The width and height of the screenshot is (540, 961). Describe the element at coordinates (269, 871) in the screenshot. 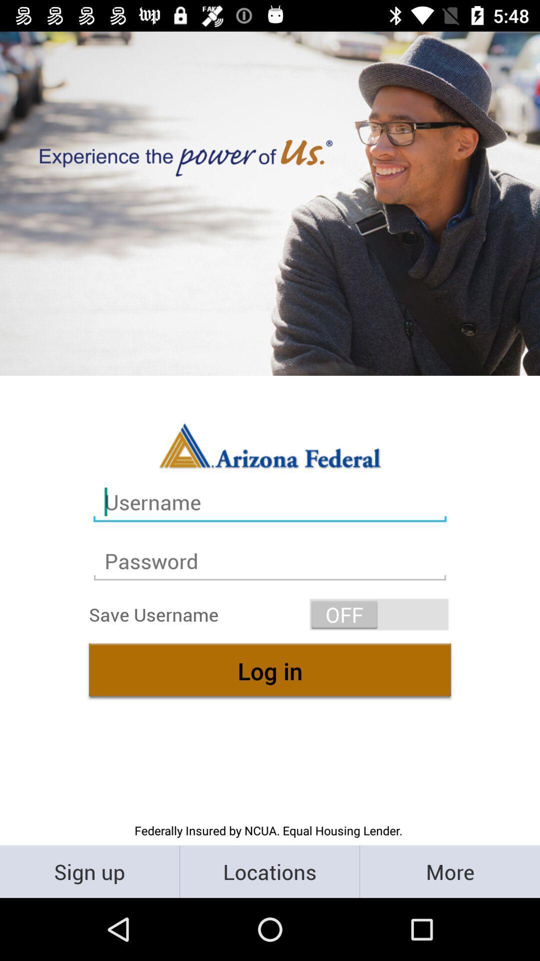

I see `the item to the right of the sign up item` at that location.